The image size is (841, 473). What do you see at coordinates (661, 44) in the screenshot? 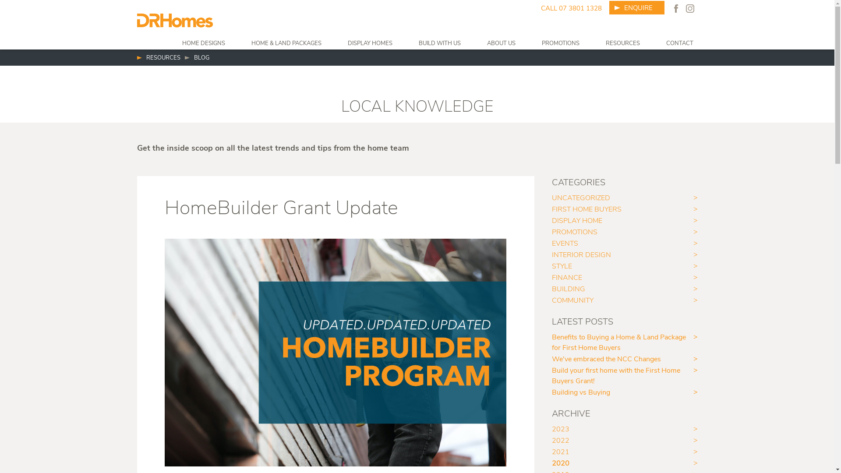
I see `'CONTACT'` at bounding box center [661, 44].